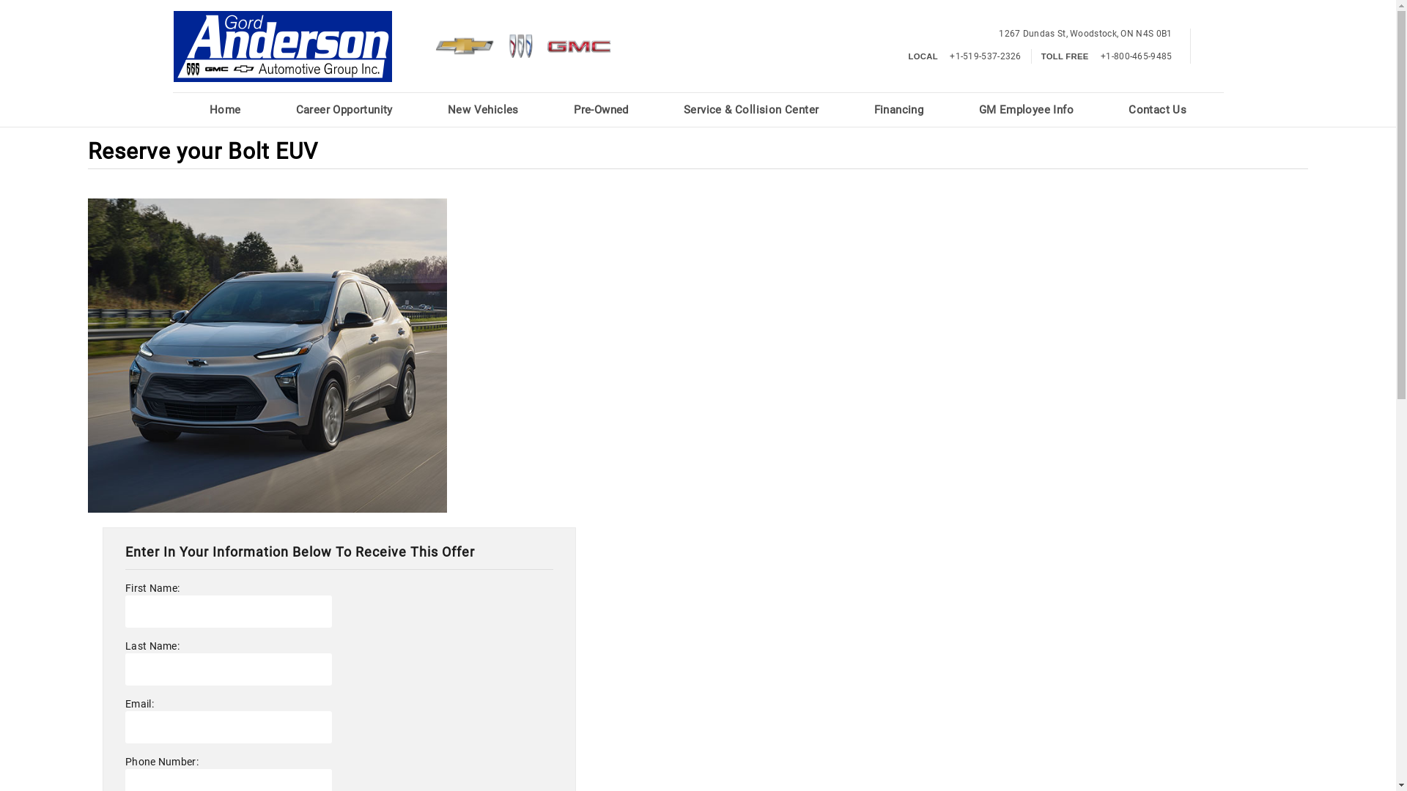 Image resolution: width=1407 pixels, height=791 pixels. Describe the element at coordinates (907, 56) in the screenshot. I see `'LOCAL +1-519-537-2326'` at that location.